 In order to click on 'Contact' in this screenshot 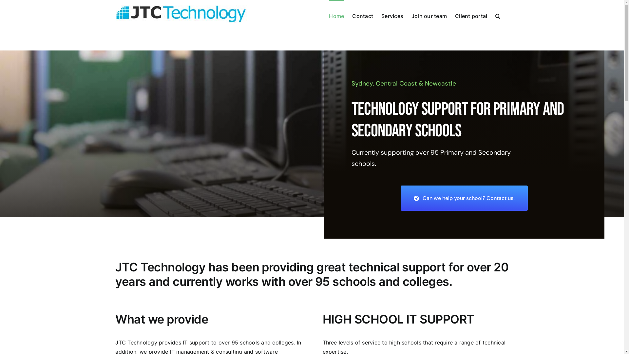, I will do `click(362, 15)`.